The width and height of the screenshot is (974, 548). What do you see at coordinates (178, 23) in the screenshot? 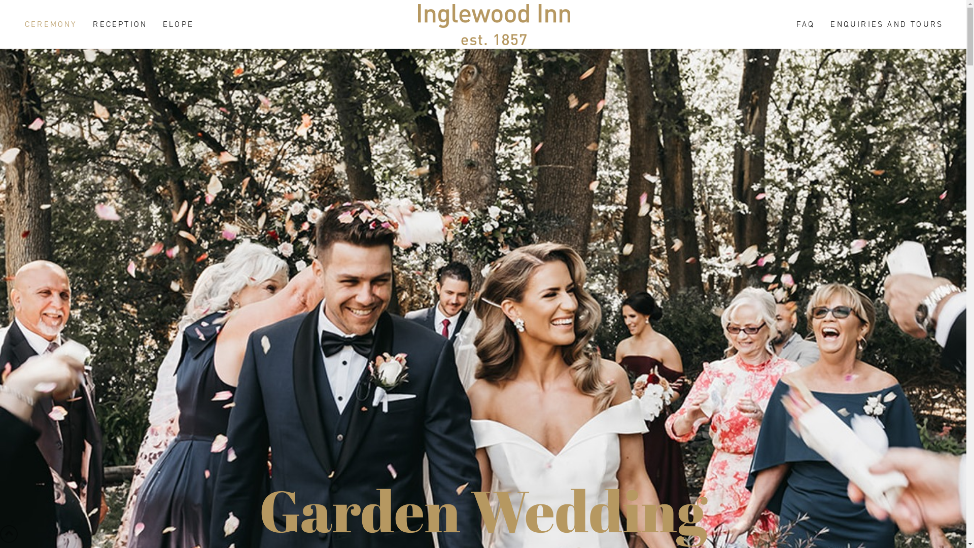
I see `'ELOPE'` at bounding box center [178, 23].